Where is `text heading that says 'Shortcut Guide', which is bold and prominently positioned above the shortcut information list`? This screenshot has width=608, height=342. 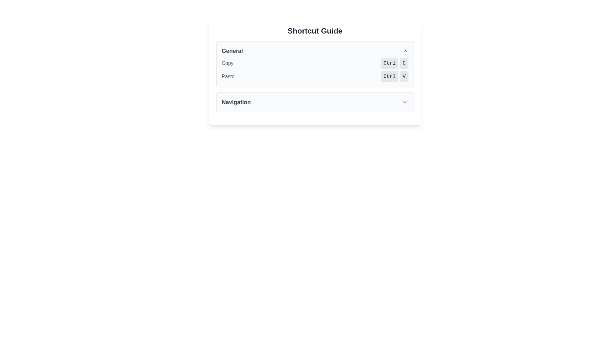 text heading that says 'Shortcut Guide', which is bold and prominently positioned above the shortcut information list is located at coordinates (315, 31).